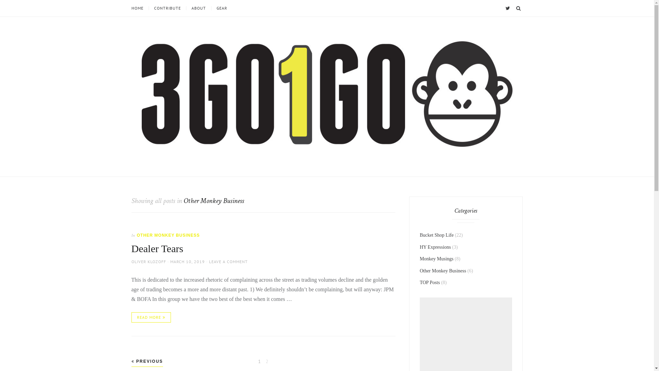 The width and height of the screenshot is (659, 371). What do you see at coordinates (504, 8) in the screenshot?
I see `'Twitter'` at bounding box center [504, 8].